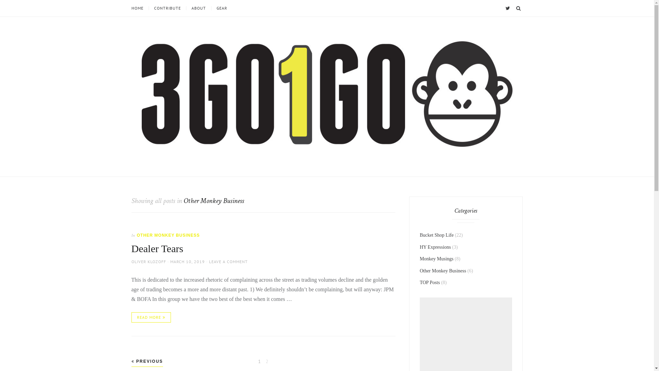 The width and height of the screenshot is (659, 371). What do you see at coordinates (504, 8) in the screenshot?
I see `'Twitter'` at bounding box center [504, 8].